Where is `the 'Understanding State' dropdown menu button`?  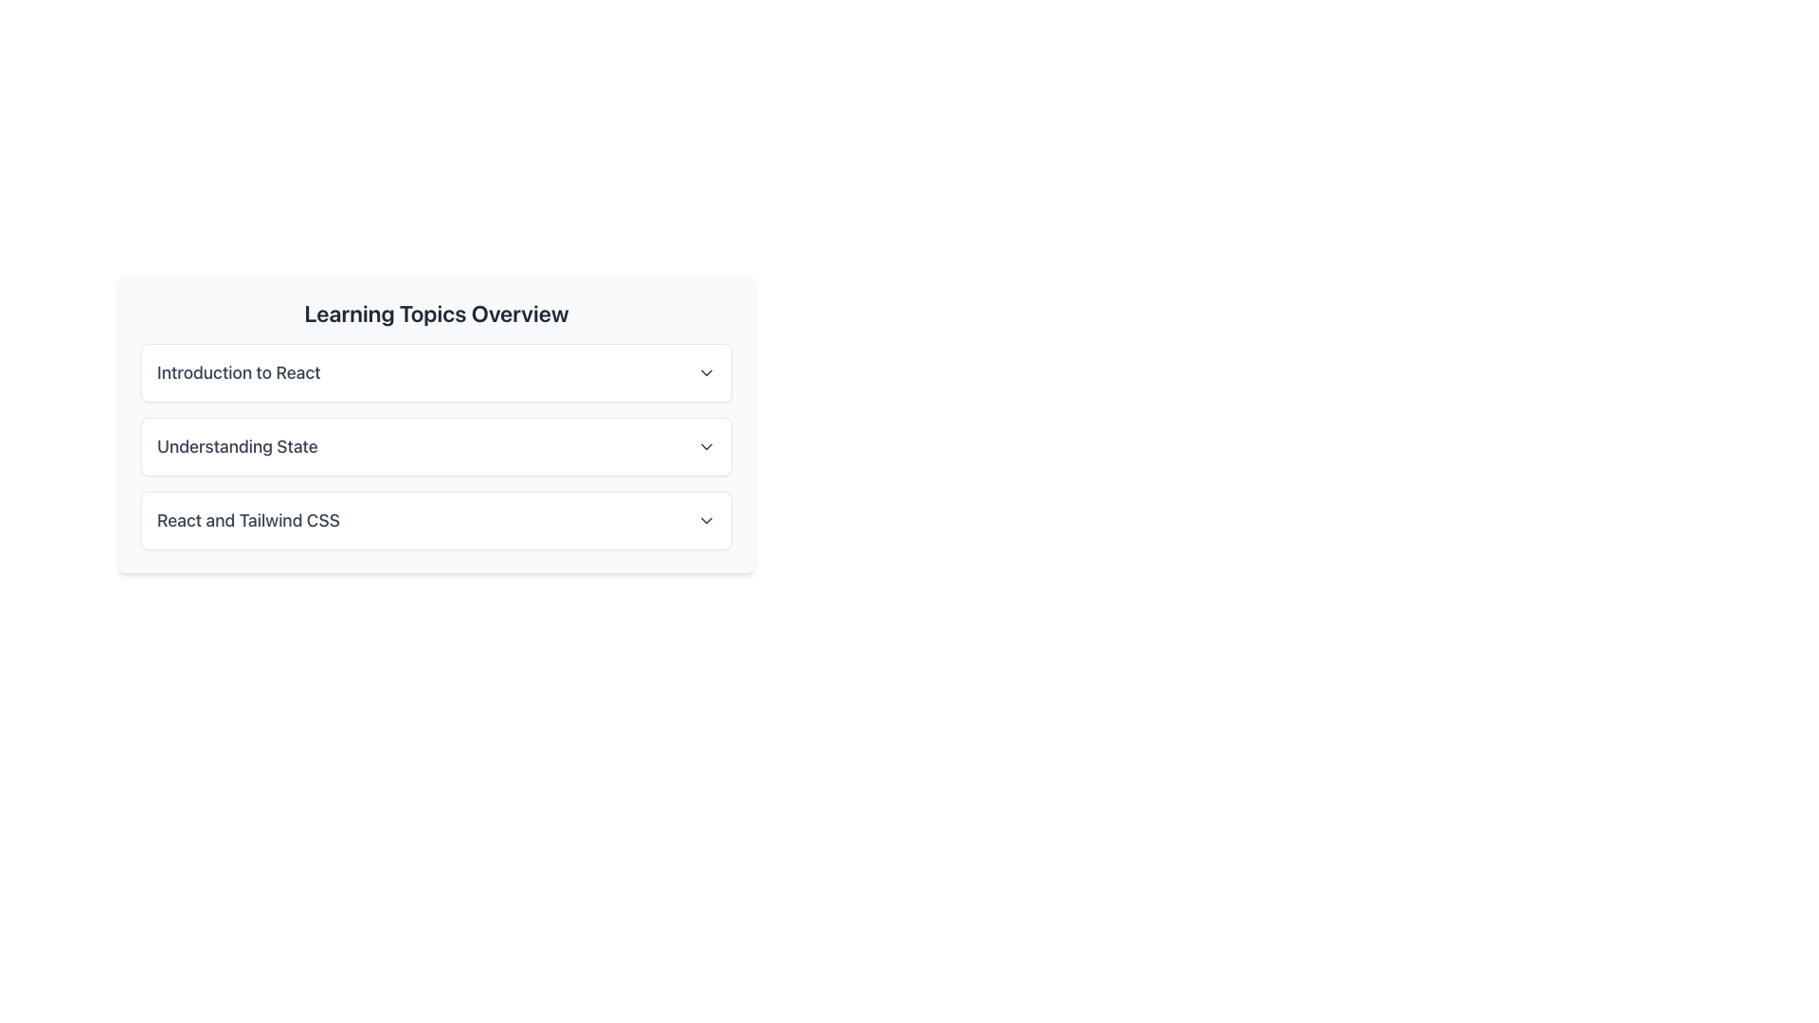
the 'Understanding State' dropdown menu button is located at coordinates (435, 446).